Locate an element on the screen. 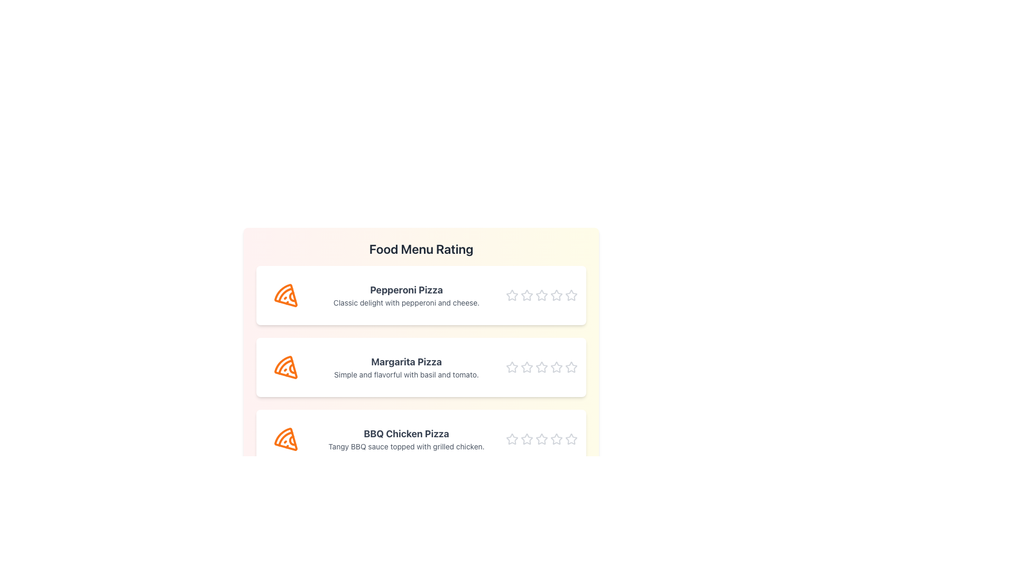  the third star in the Rating indicator below the text 'Pepperoni Pizza' to set a rating is located at coordinates (542, 296).